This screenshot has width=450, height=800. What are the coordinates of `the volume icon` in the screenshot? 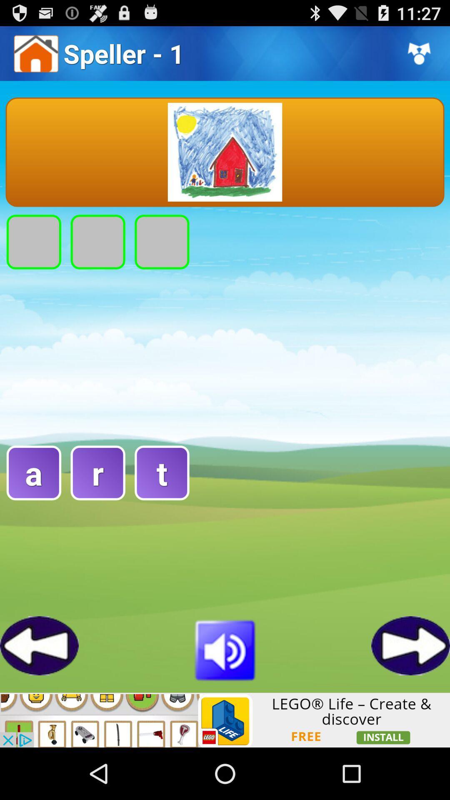 It's located at (225, 695).